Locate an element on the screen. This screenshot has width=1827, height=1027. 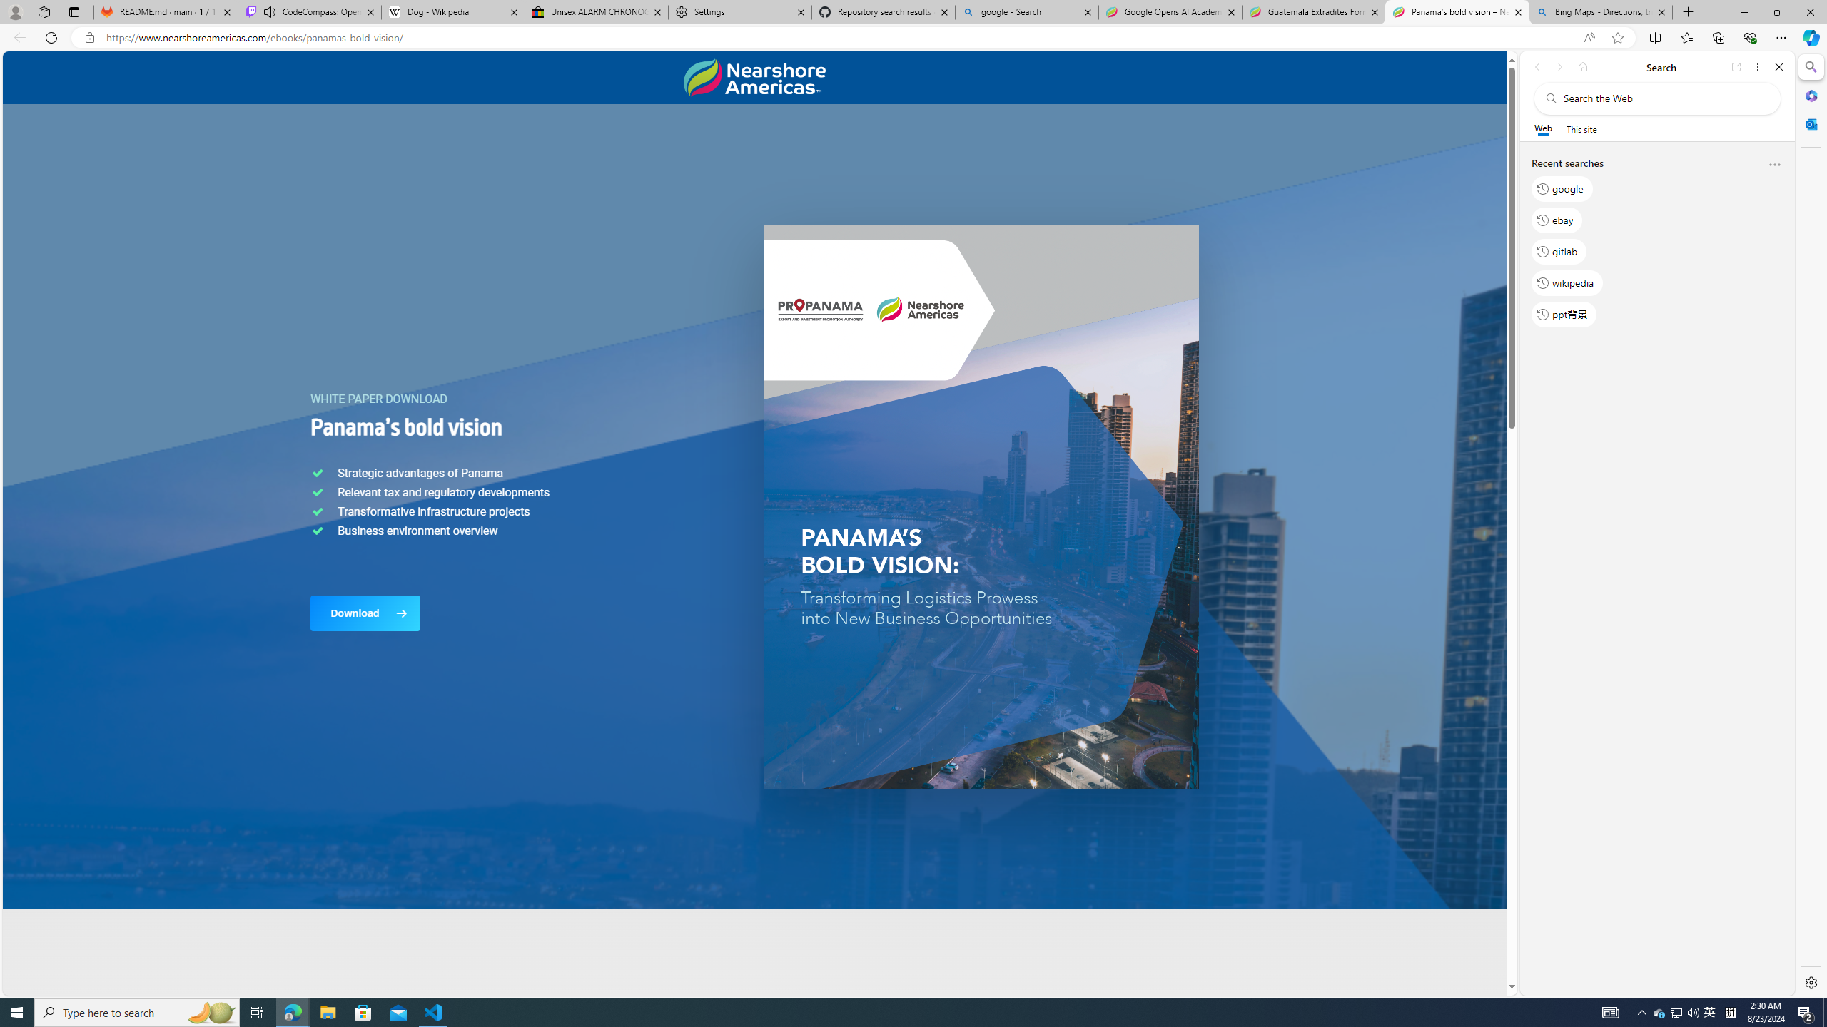
'Copilot (Ctrl+Shift+.)' is located at coordinates (1809, 36).